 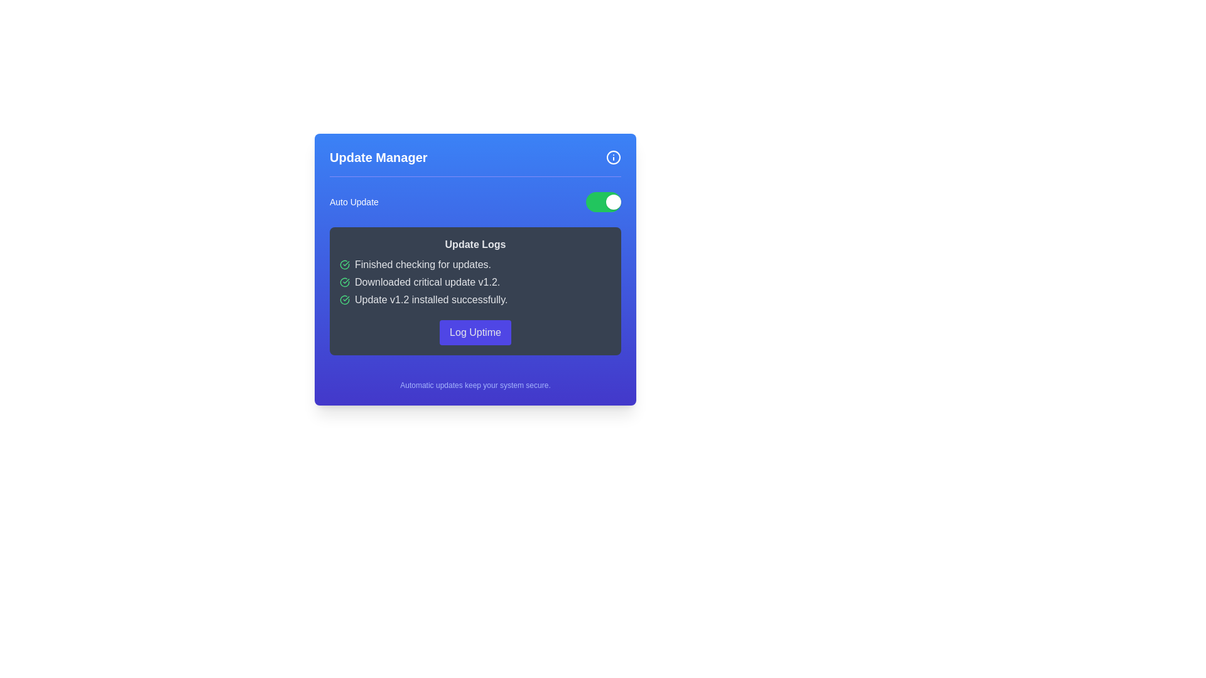 What do you see at coordinates (353, 201) in the screenshot?
I see `the text label that displays 'Auto Update', which is styled with a small font size in white against a blue background` at bounding box center [353, 201].